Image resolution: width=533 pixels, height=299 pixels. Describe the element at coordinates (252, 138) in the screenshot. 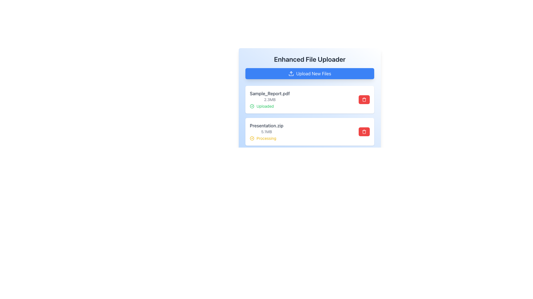

I see `the small circular yellow icon with a checkmark adjacent to the text 'Processing' in the second file row by moving the cursor to its center point` at that location.